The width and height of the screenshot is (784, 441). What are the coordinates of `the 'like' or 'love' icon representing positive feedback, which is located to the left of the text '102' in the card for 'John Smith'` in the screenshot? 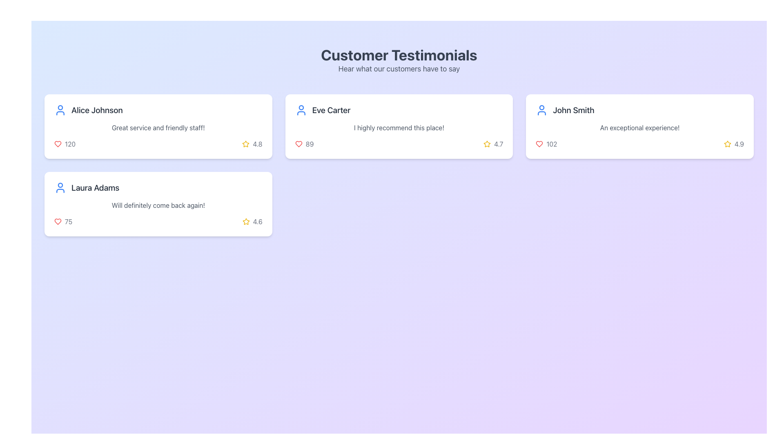 It's located at (539, 144).